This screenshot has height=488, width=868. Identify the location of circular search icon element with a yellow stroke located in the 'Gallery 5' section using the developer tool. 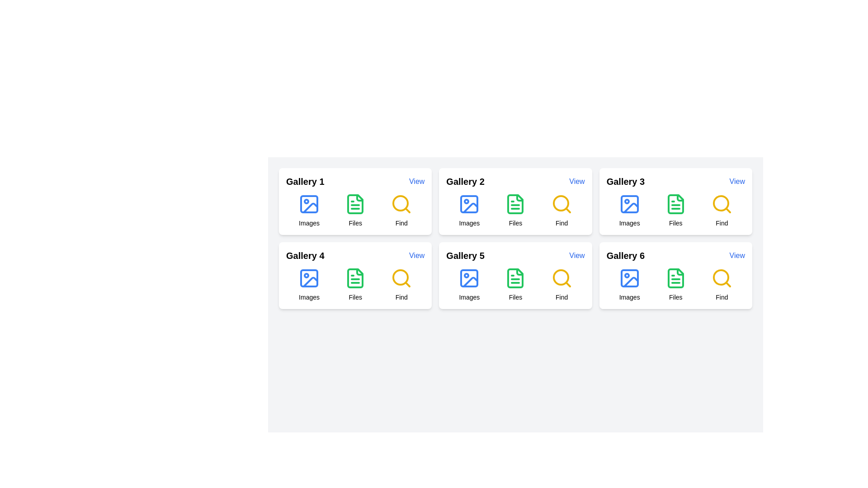
(560, 277).